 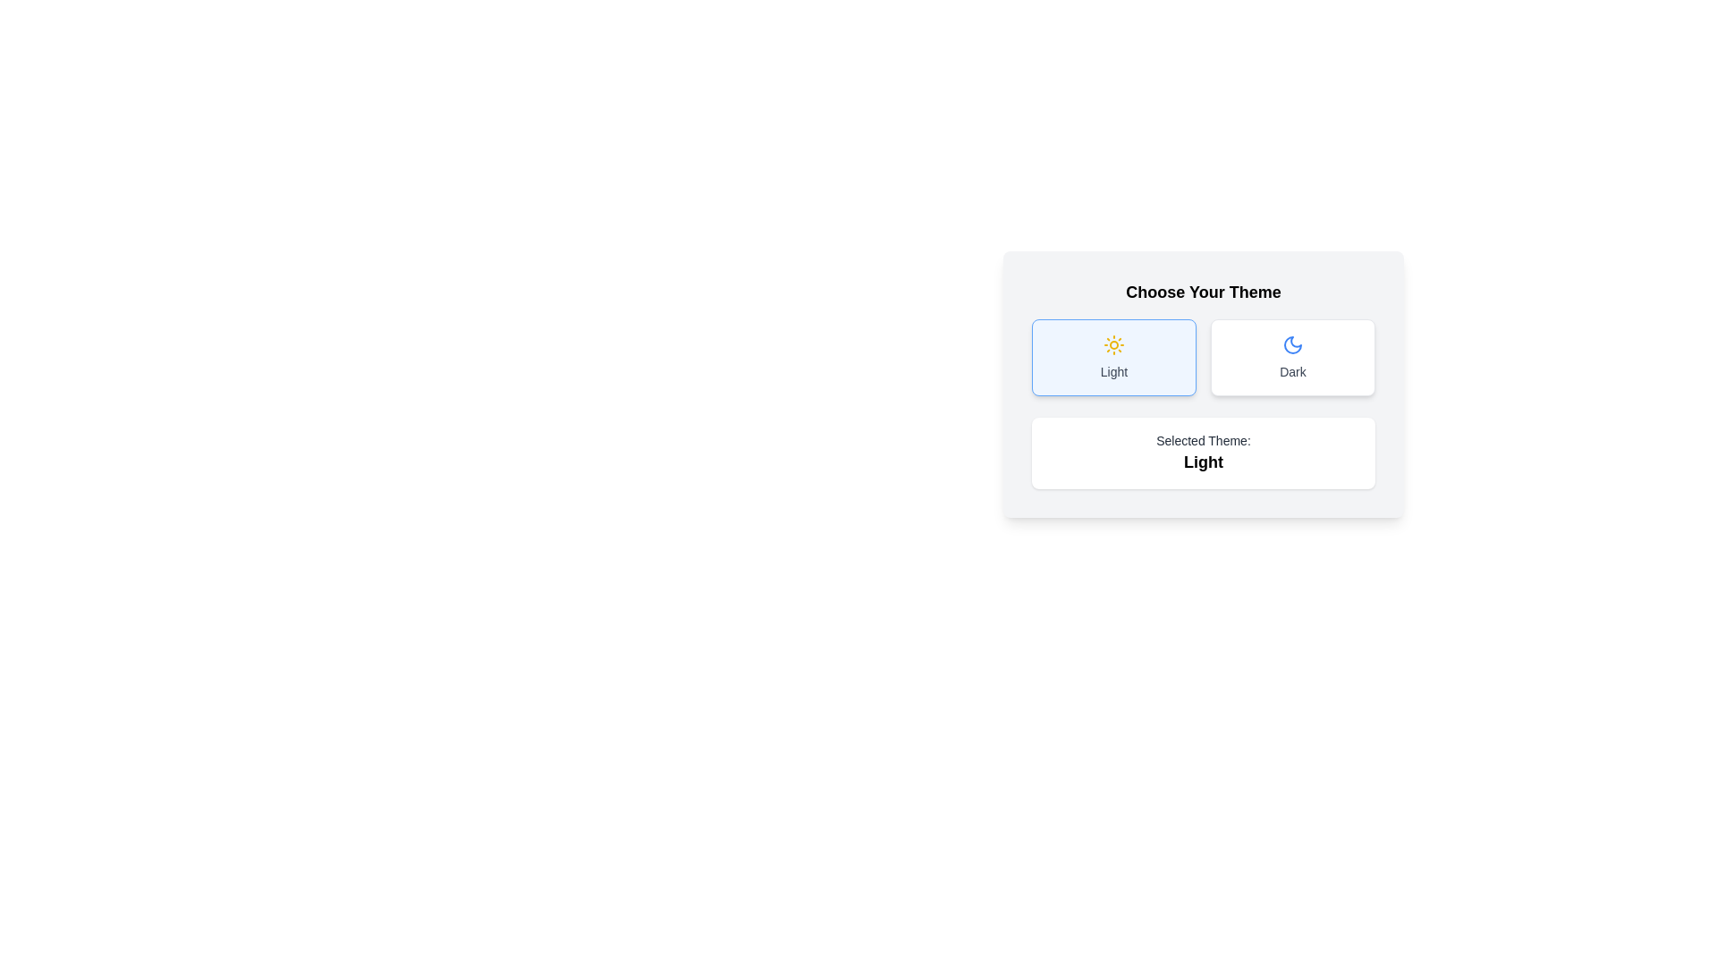 I want to click on the Light button to select the corresponding theme, so click(x=1113, y=358).